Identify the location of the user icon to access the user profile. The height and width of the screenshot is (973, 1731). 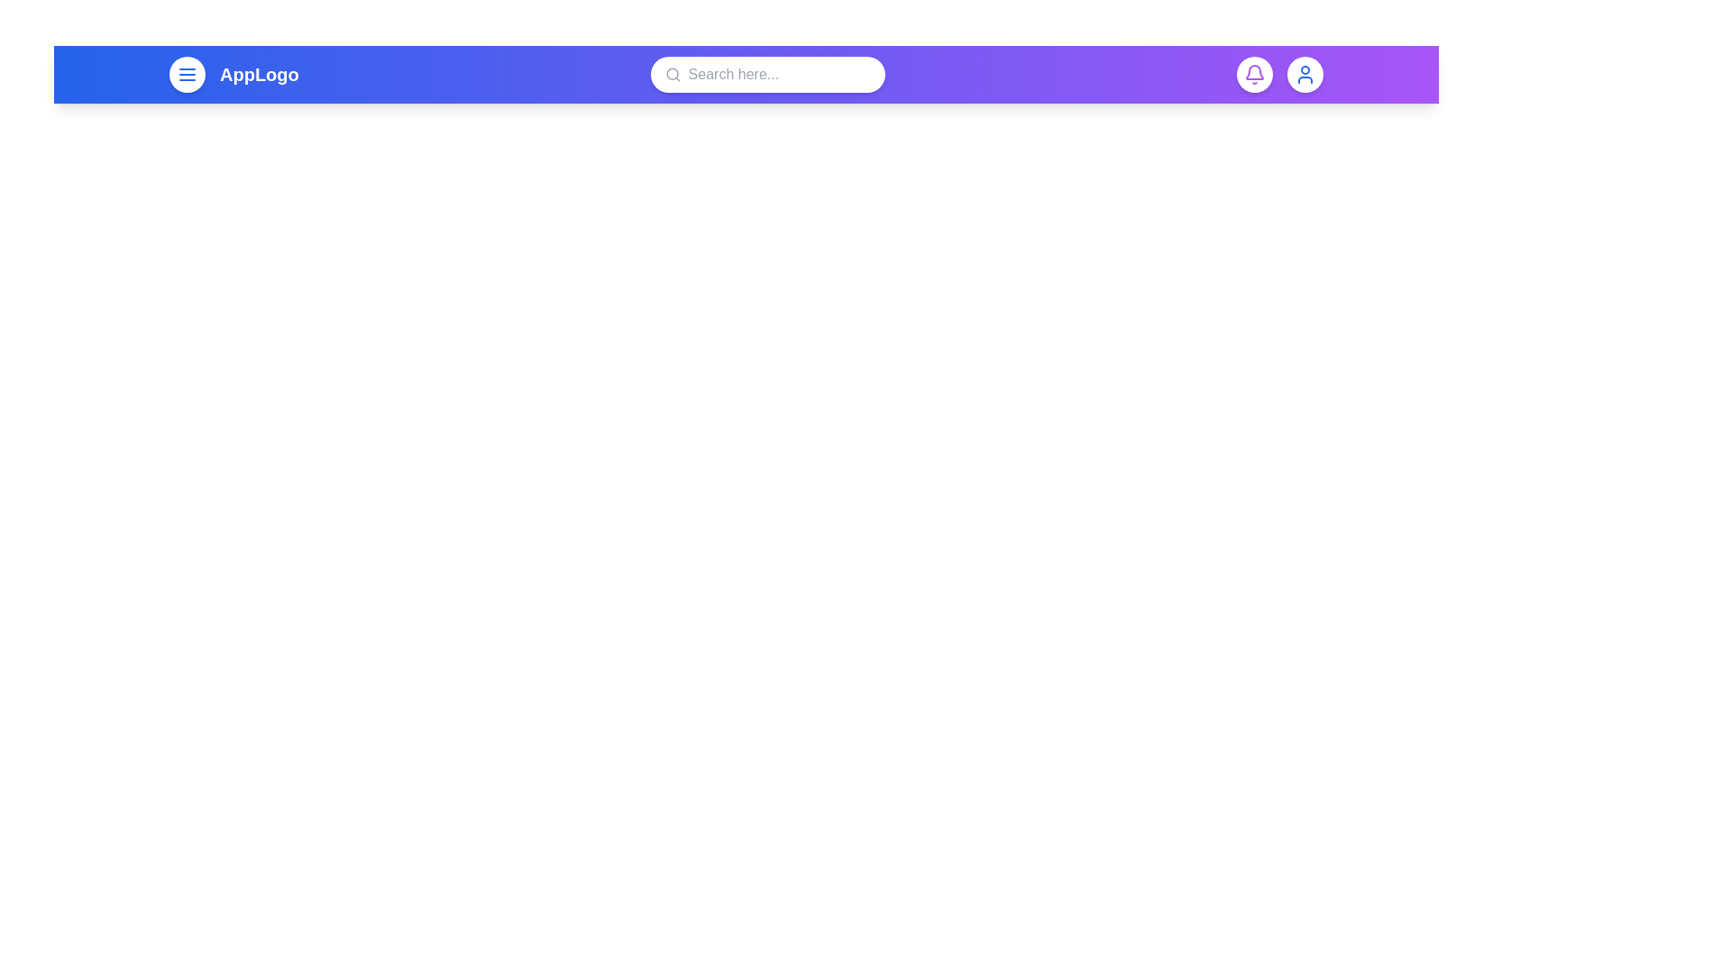
(1305, 74).